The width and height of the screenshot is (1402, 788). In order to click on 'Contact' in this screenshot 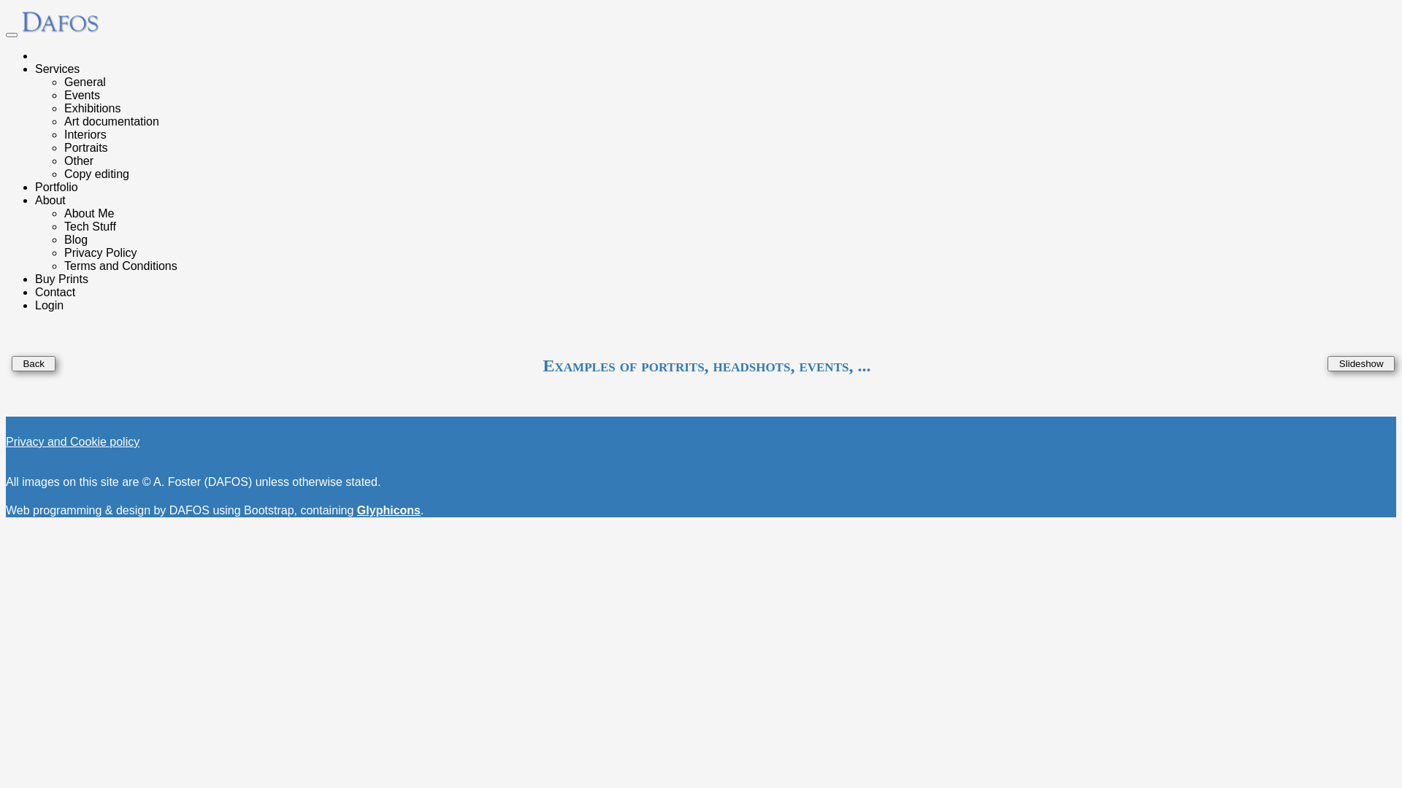, I will do `click(55, 292)`.